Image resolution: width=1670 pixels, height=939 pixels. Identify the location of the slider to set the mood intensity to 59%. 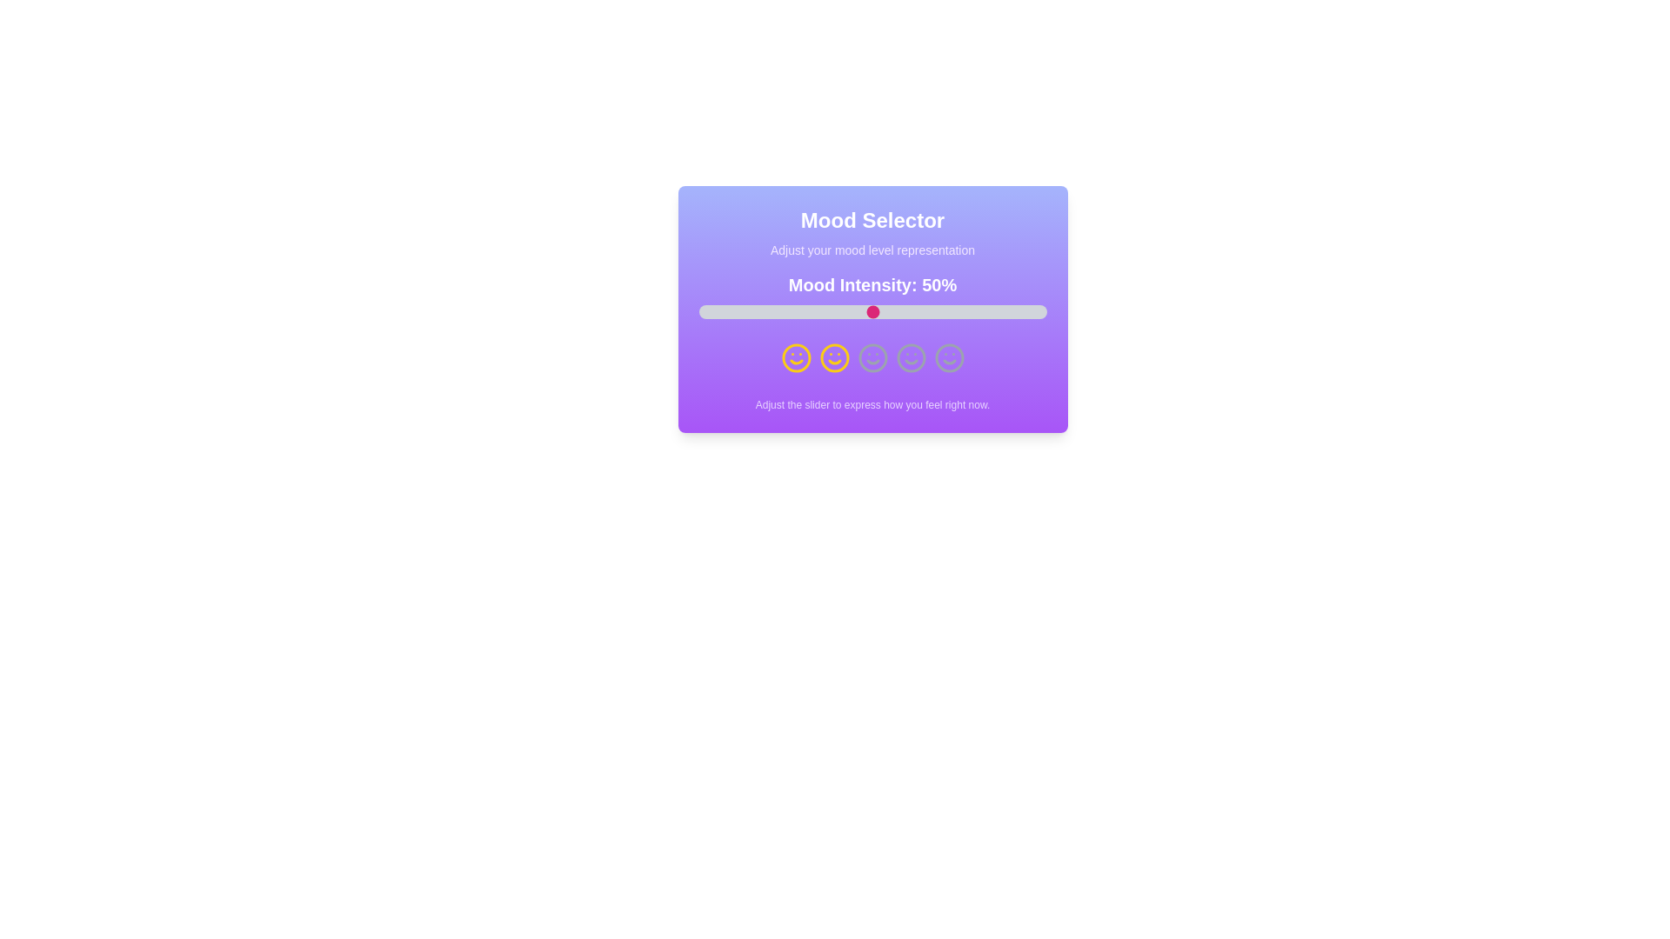
(904, 310).